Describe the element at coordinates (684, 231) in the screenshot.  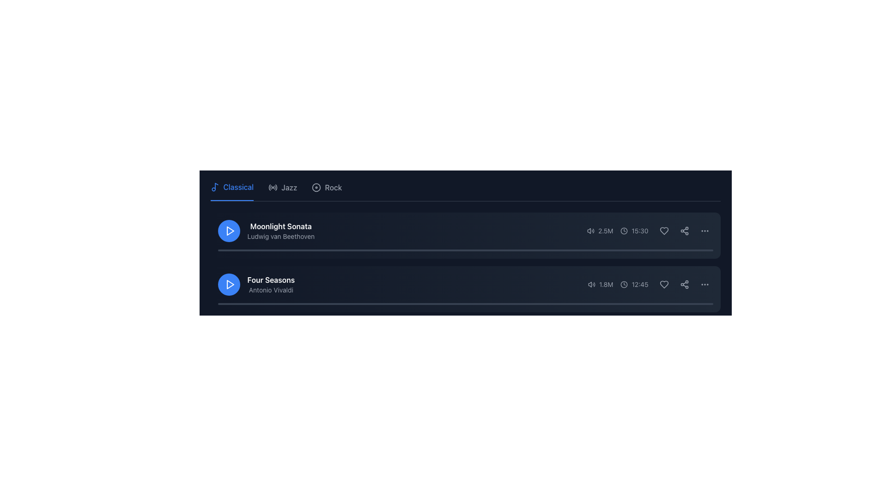
I see `the share button located to the right of the heart-shaped favorite icon` at that location.